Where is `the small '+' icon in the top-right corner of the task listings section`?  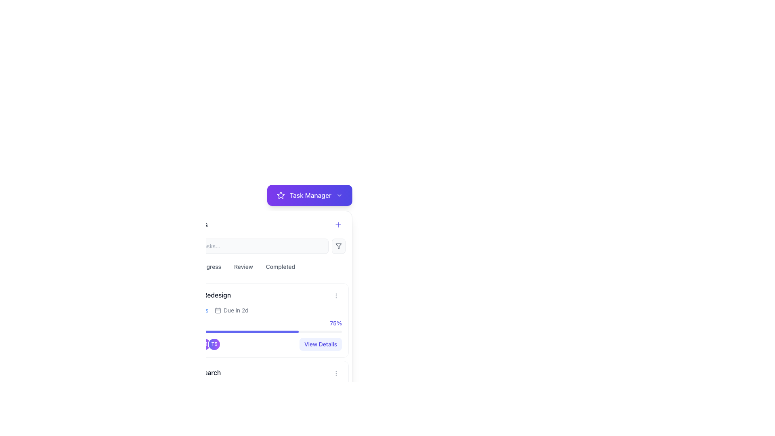
the small '+' icon in the top-right corner of the task listings section is located at coordinates (338, 224).